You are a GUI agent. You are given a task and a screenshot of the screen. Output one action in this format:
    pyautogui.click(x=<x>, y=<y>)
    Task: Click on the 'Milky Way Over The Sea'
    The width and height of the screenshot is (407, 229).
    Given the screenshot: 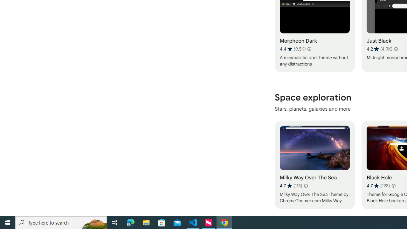 What is the action you would take?
    pyautogui.click(x=314, y=164)
    